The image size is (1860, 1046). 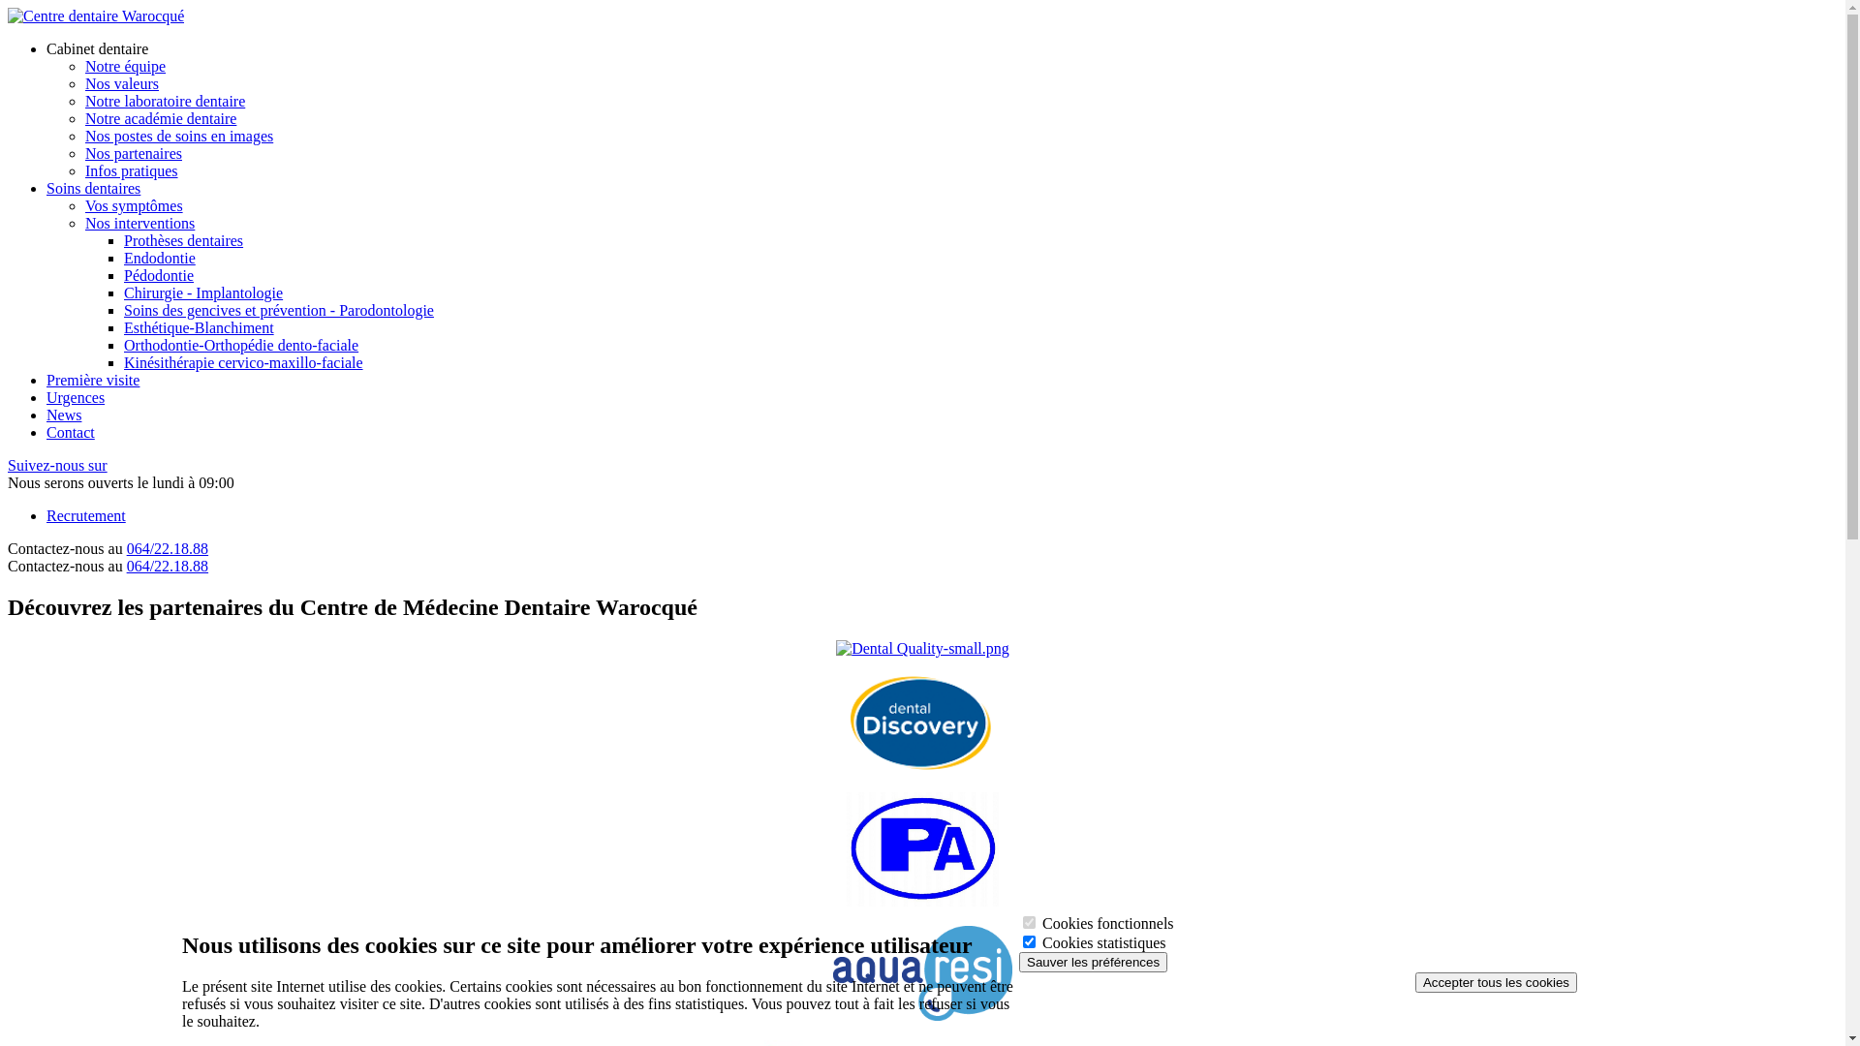 I want to click on 'Contact', so click(x=46, y=431).